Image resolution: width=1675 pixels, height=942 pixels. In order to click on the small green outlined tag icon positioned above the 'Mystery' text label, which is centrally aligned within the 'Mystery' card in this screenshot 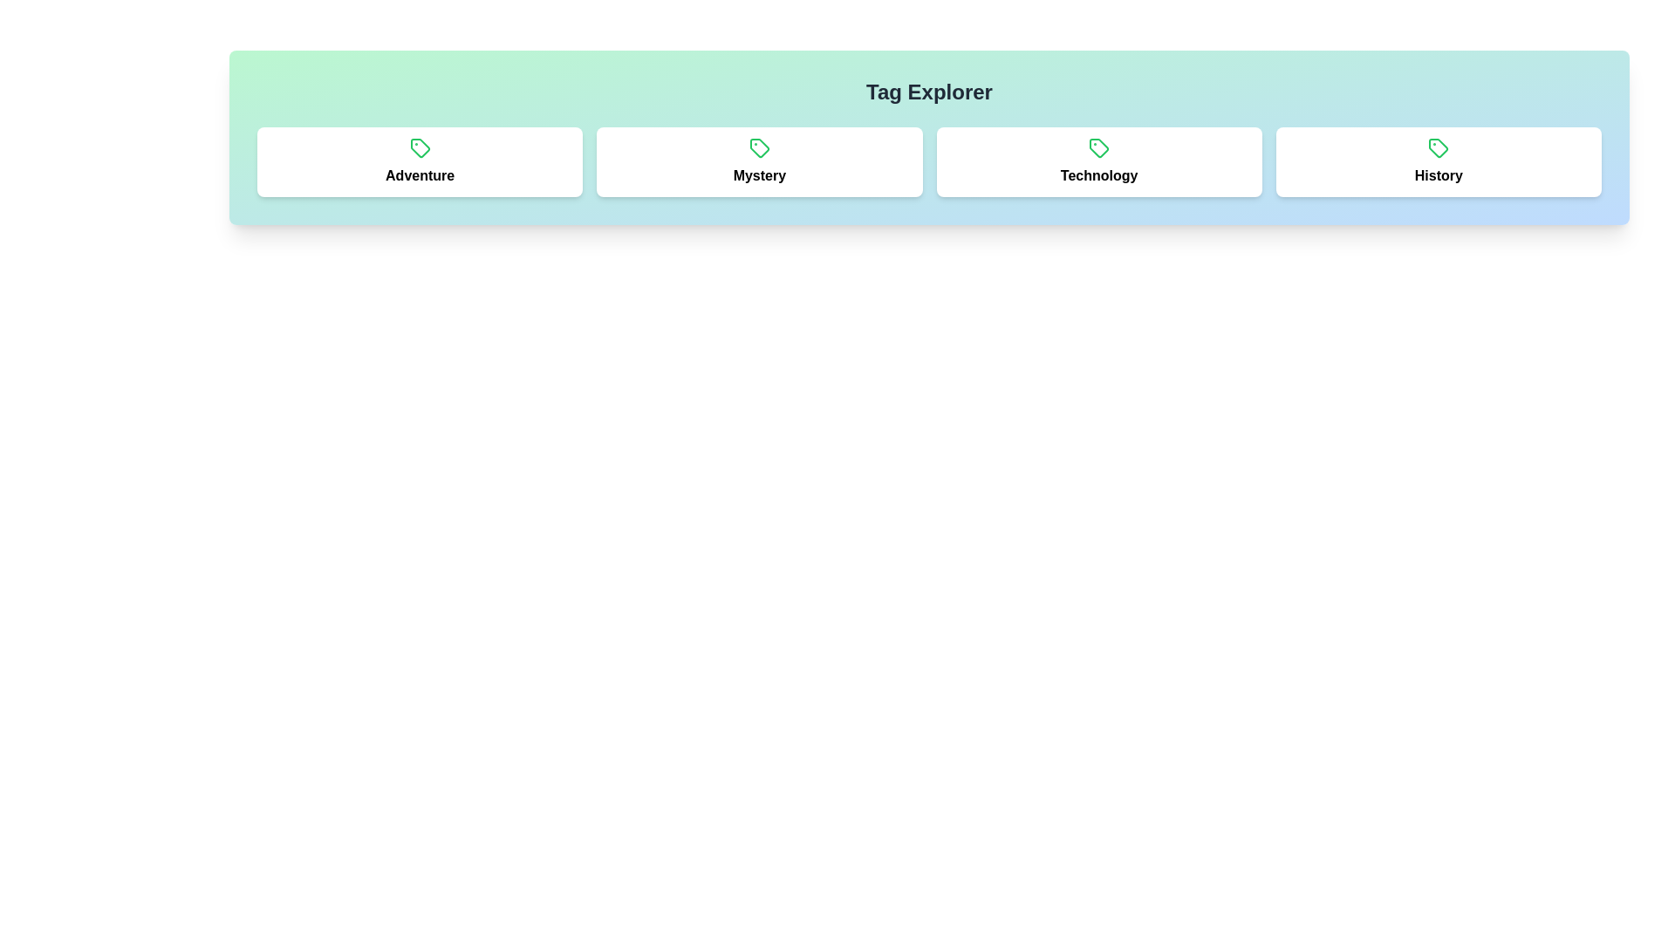, I will do `click(759, 147)`.